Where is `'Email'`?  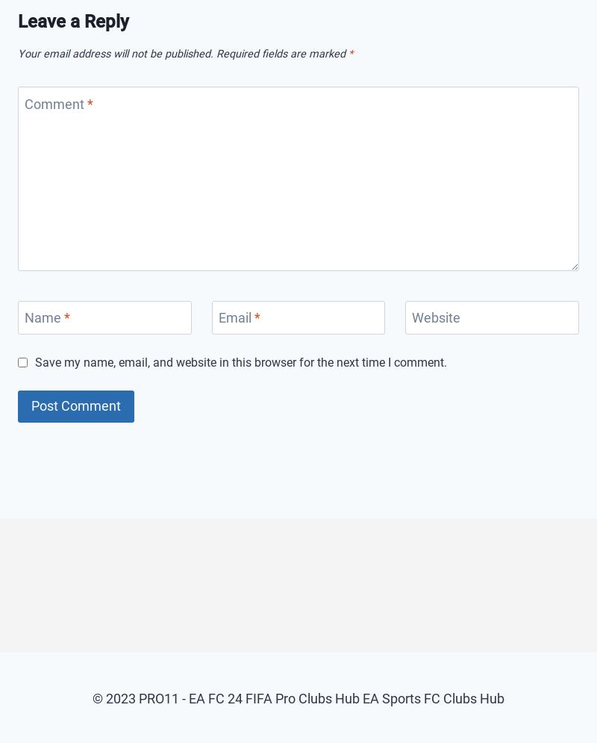
'Email' is located at coordinates (235, 317).